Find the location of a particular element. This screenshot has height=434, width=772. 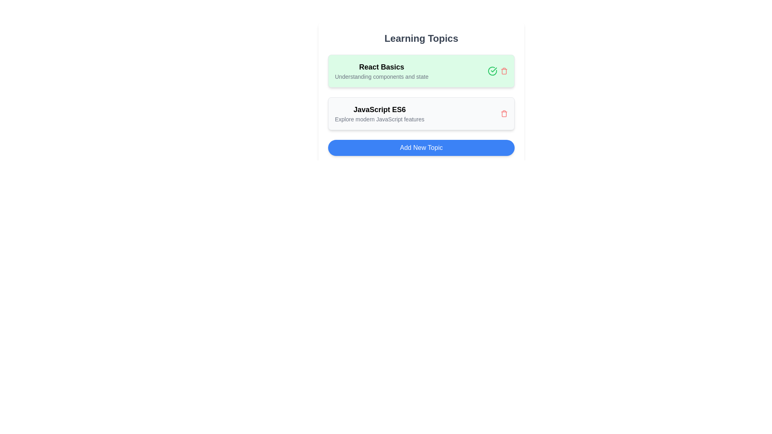

the 'Add New Topic' button to initiate adding a new topic is located at coordinates (421, 147).